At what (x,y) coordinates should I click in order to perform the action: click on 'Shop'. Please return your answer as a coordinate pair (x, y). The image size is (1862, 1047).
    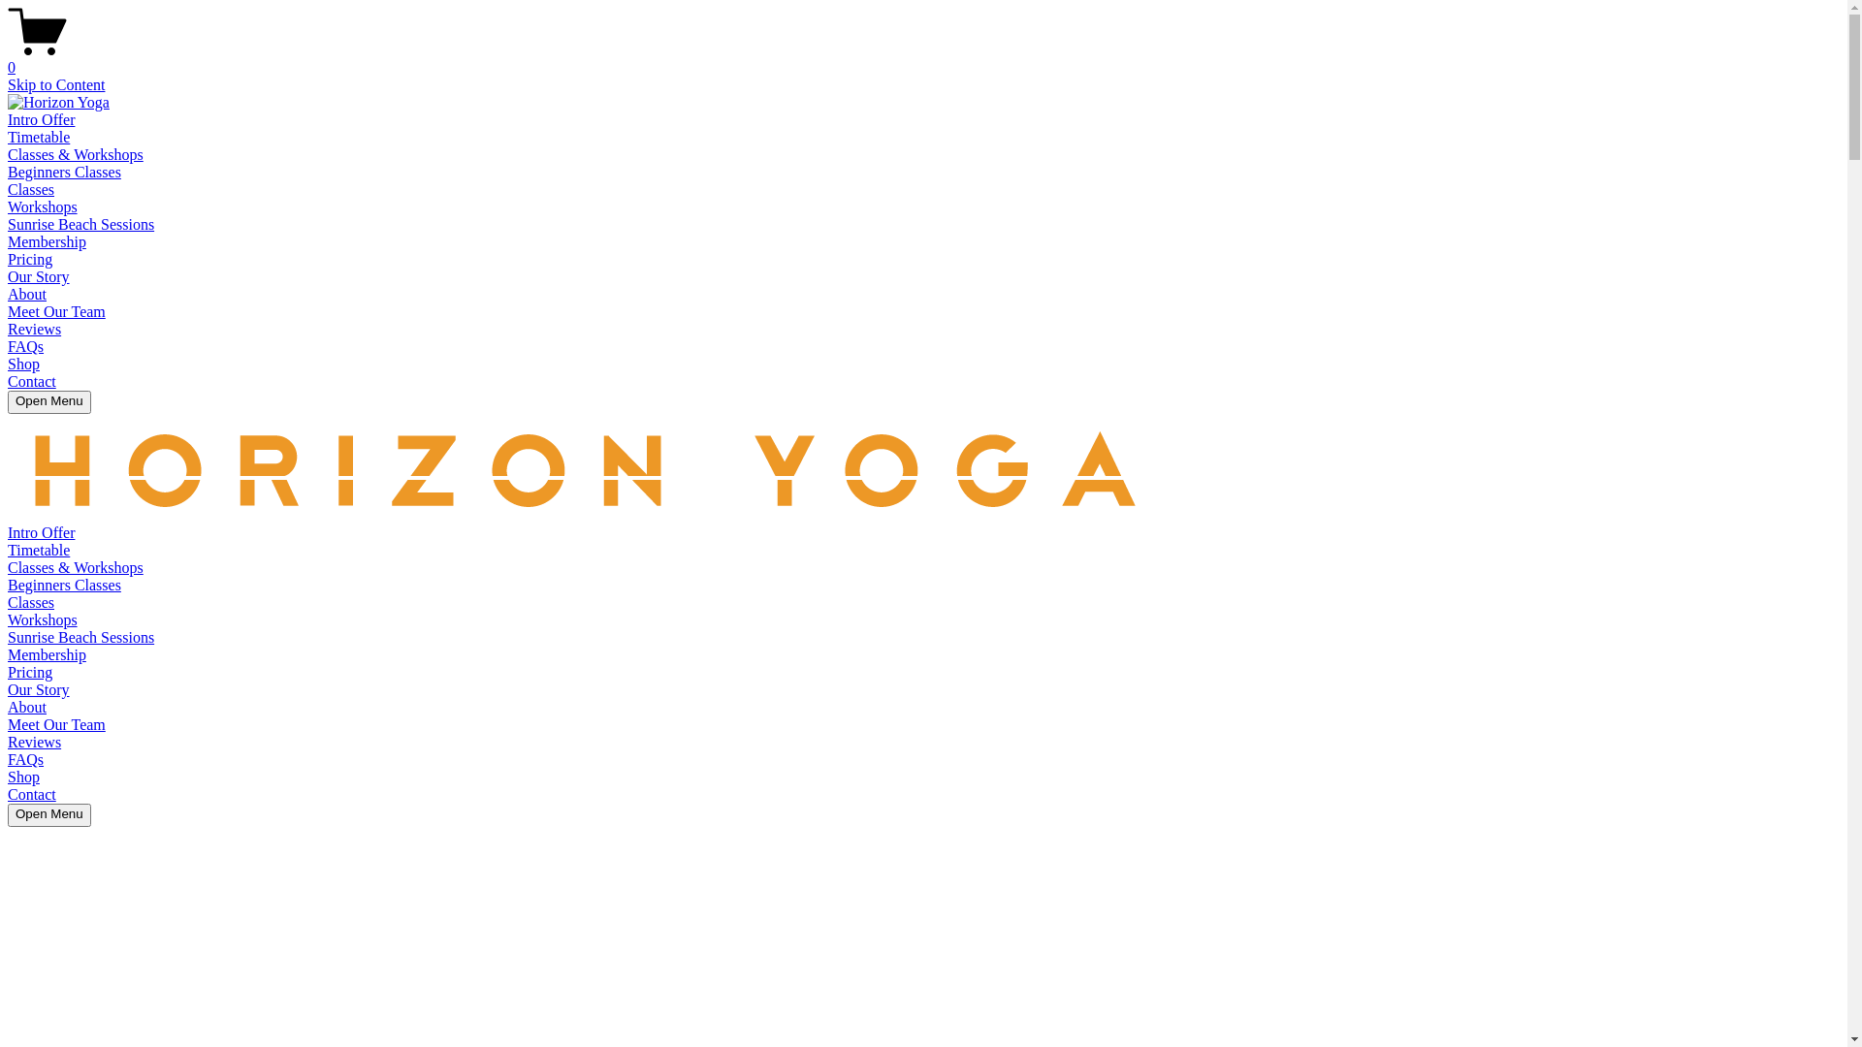
    Looking at the image, I should click on (23, 776).